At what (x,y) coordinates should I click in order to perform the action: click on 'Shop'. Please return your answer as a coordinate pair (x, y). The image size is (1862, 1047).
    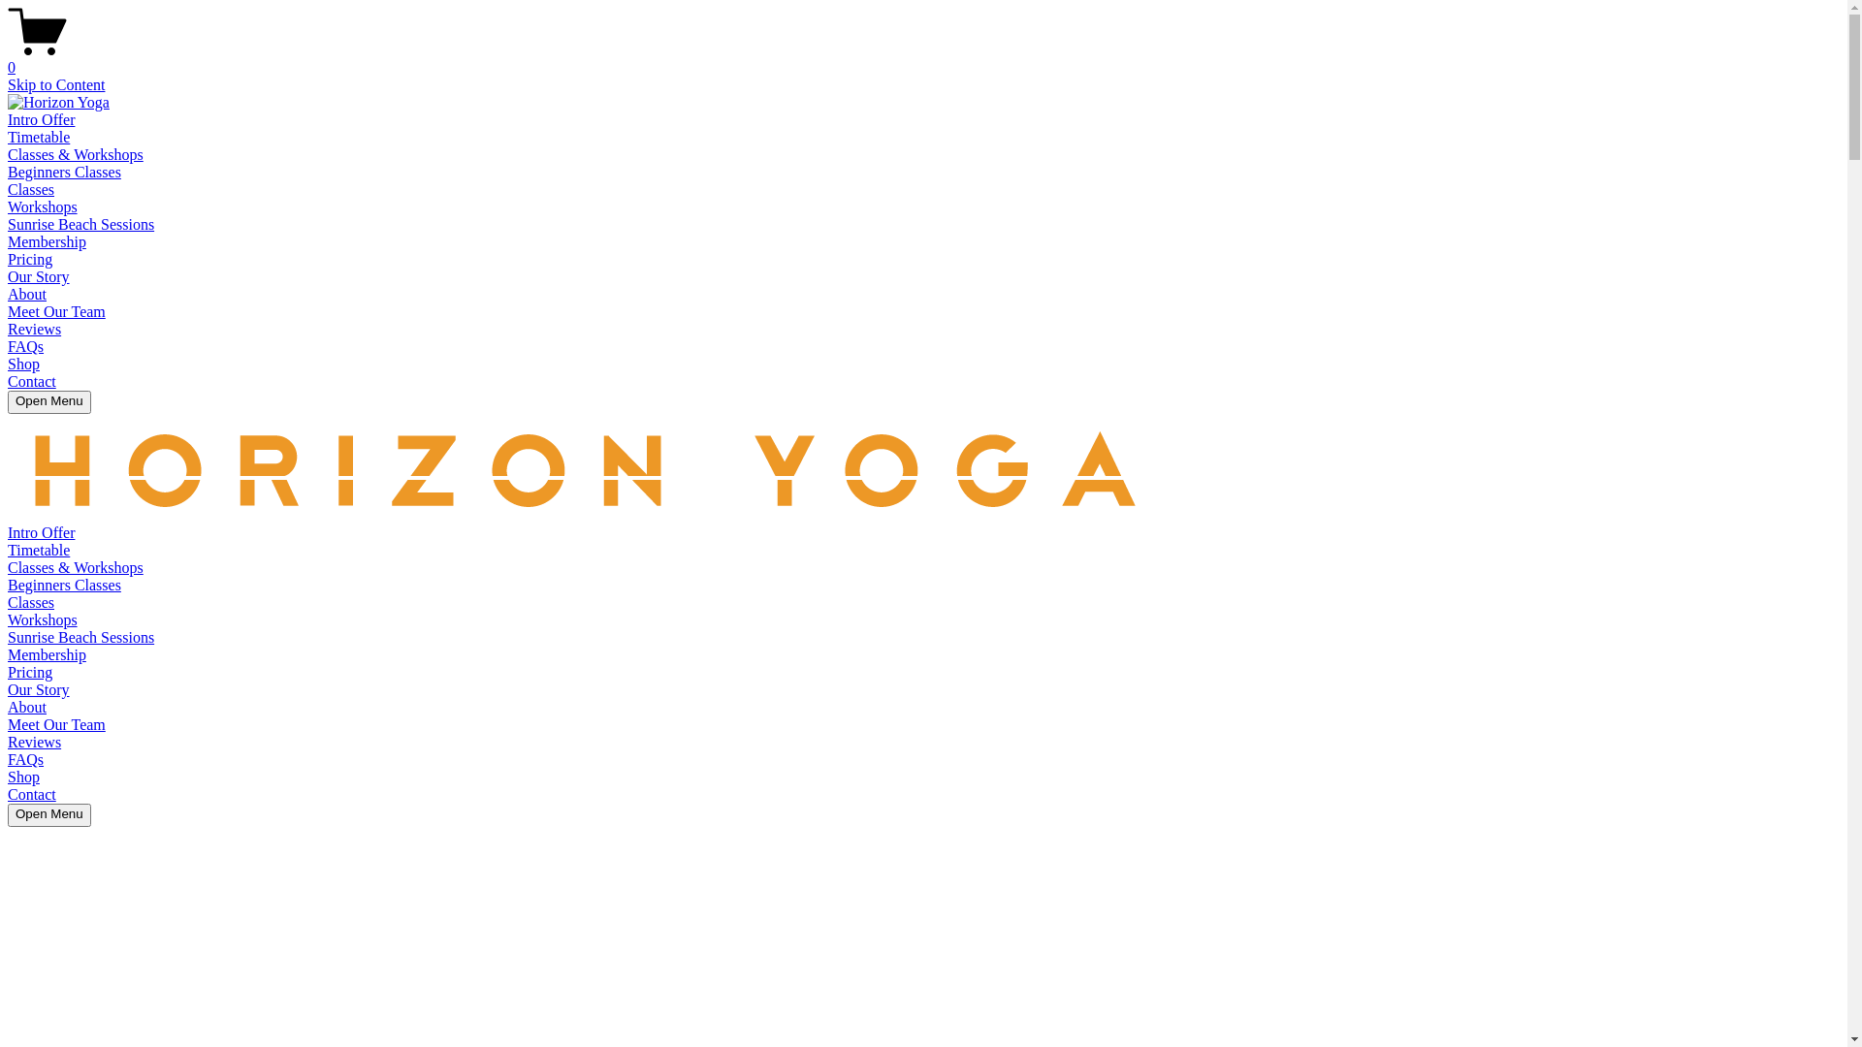
    Looking at the image, I should click on (23, 776).